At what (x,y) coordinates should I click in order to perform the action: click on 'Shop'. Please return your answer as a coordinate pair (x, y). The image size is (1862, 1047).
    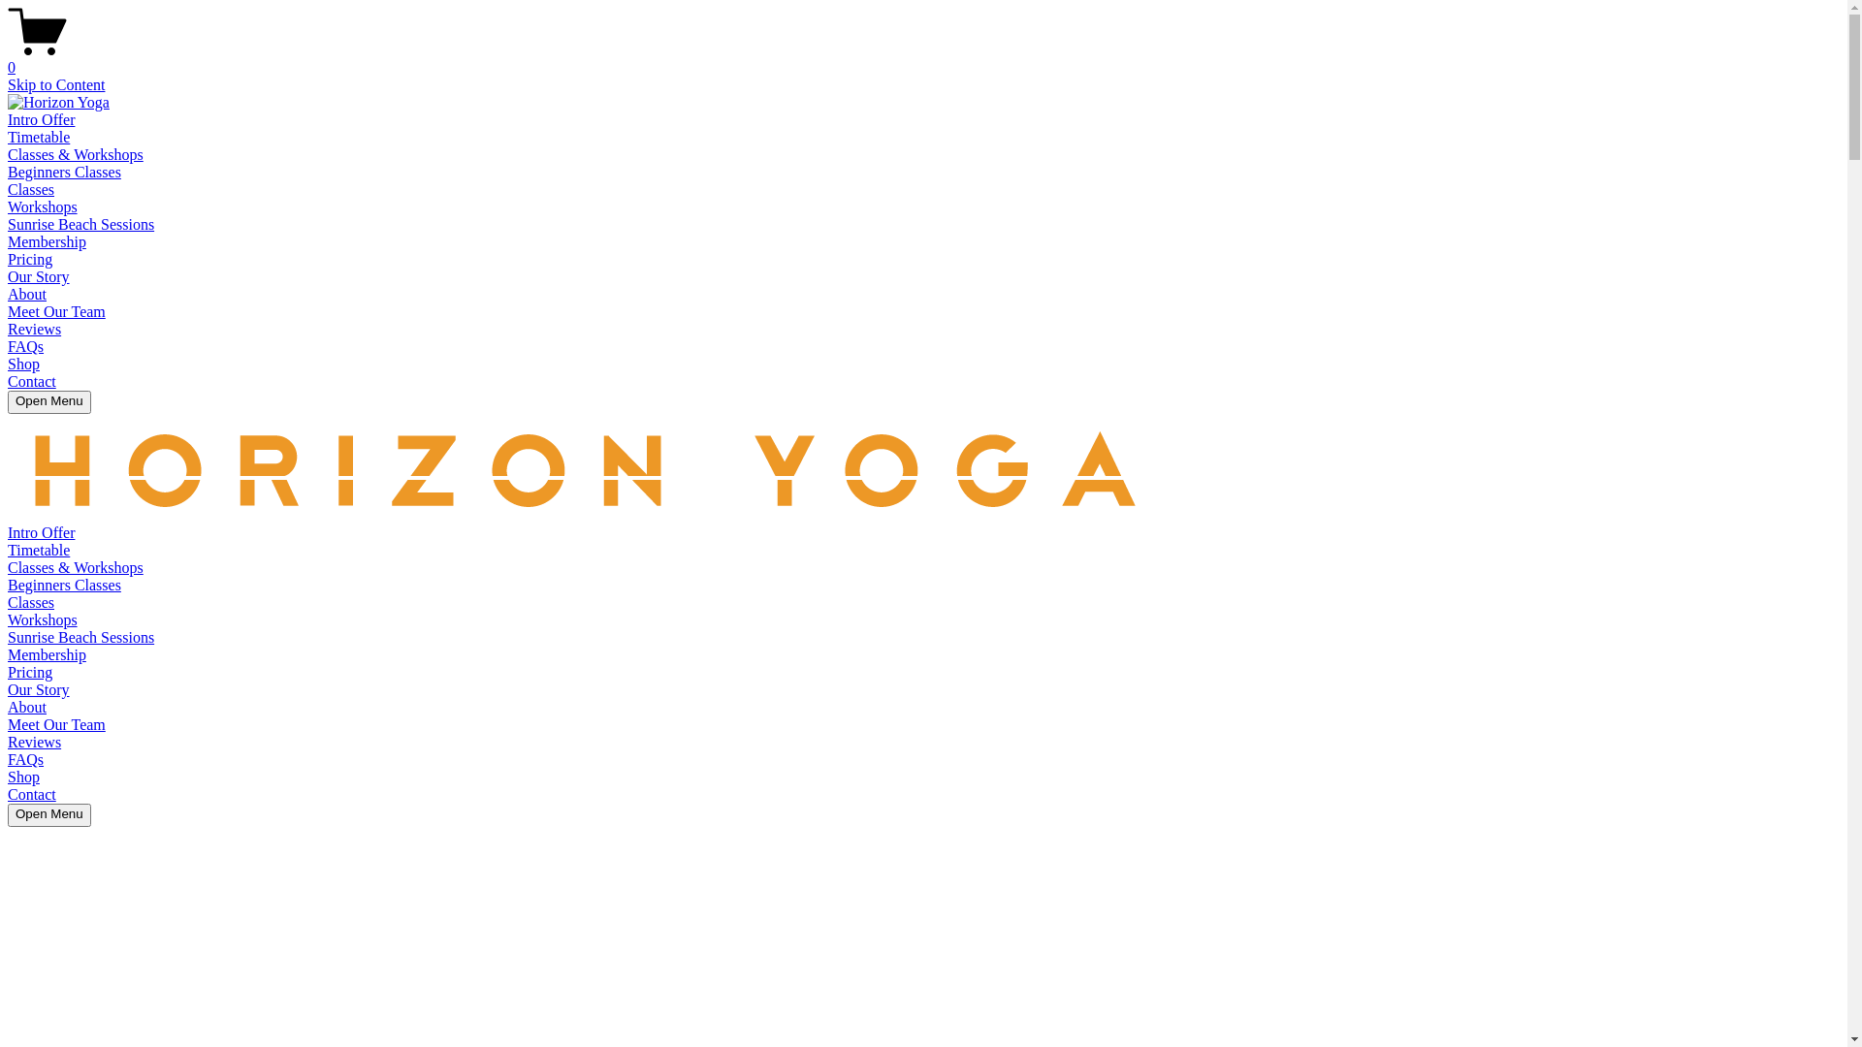
    Looking at the image, I should click on (23, 776).